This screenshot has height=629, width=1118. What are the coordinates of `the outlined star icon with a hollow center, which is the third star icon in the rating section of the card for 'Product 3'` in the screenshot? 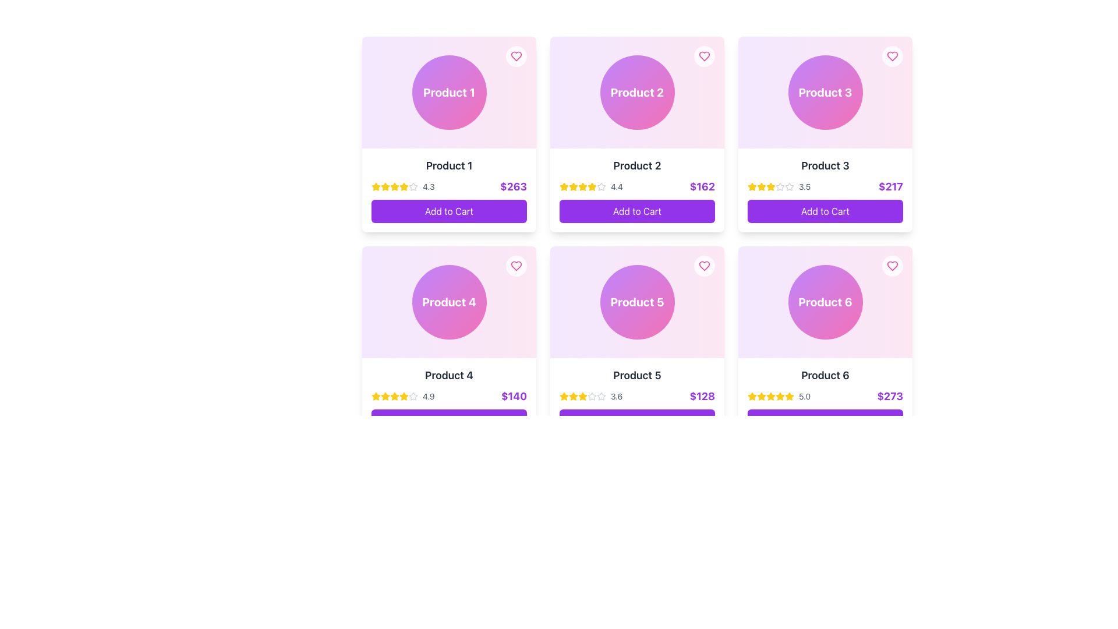 It's located at (790, 186).